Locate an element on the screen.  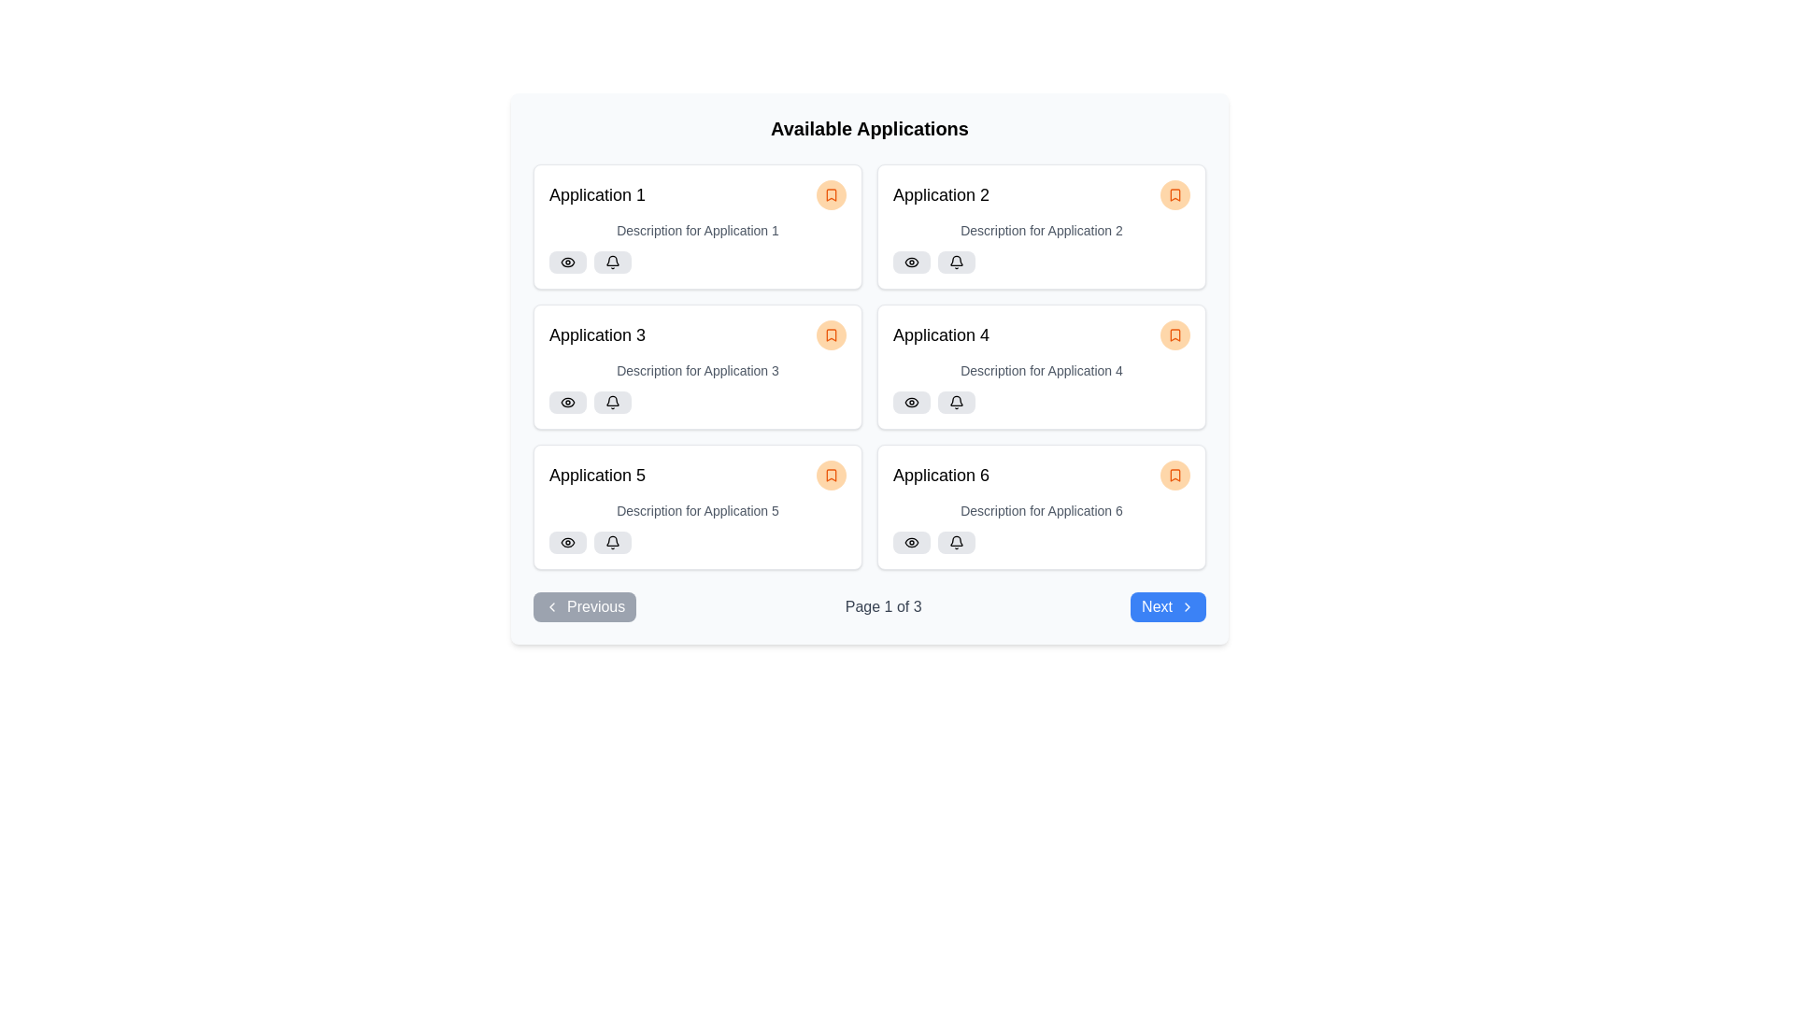
the button with an embedded icon that triggers the view action related to 'Application 5' is located at coordinates (567, 543).